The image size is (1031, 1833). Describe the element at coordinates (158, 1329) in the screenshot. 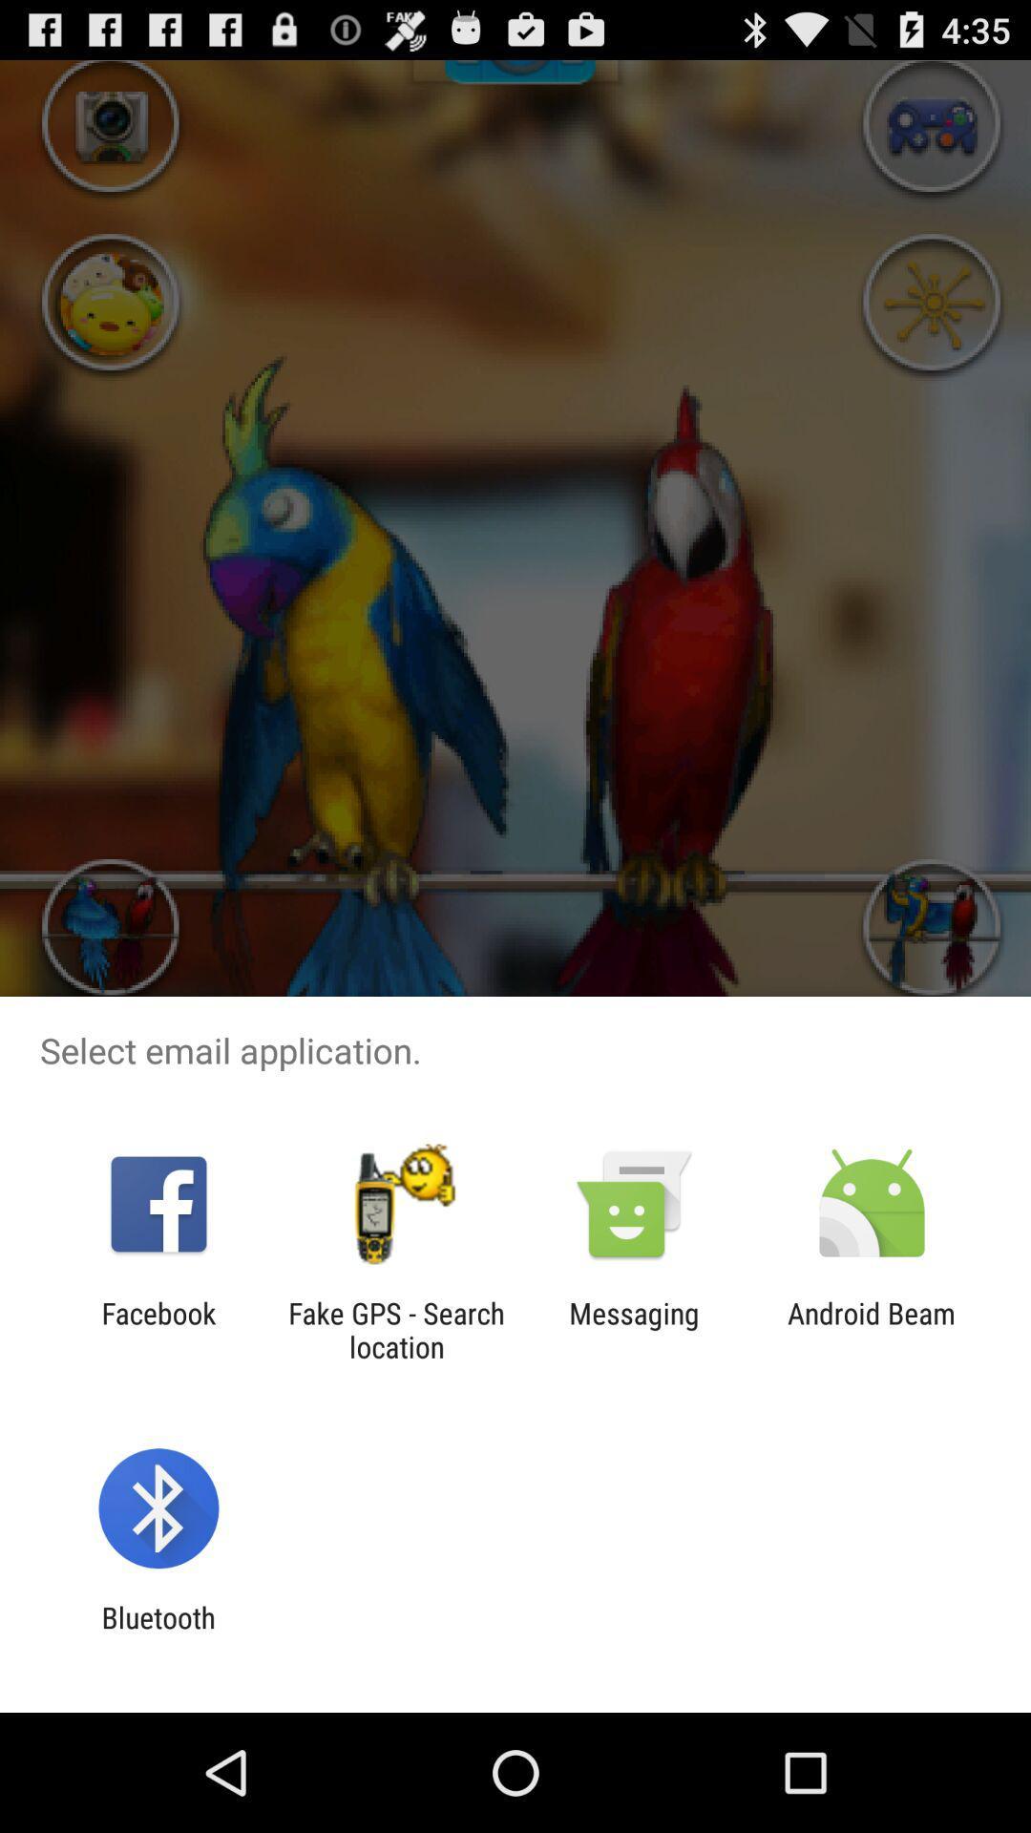

I see `app next to the fake gps search icon` at that location.